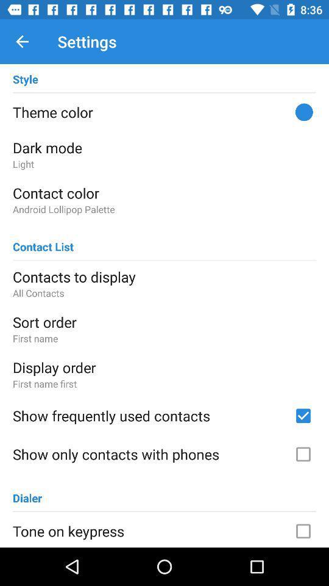 The height and width of the screenshot is (586, 329). Describe the element at coordinates (164, 147) in the screenshot. I see `the dark mode` at that location.